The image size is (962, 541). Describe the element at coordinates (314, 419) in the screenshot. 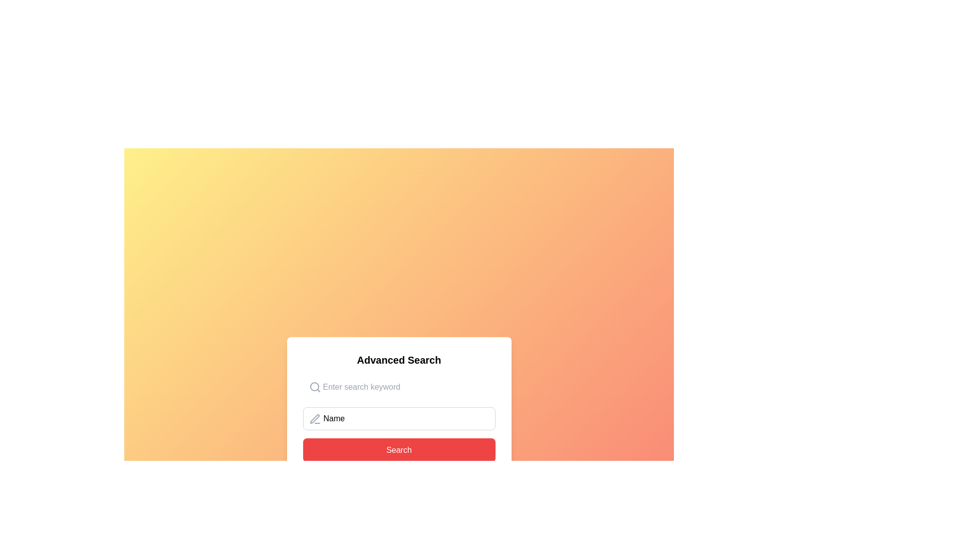

I see `properties of the SVG graphic icon located inside the 'Name' input box, which serves as an auxiliary visual indicator suggesting the field is editable` at that location.